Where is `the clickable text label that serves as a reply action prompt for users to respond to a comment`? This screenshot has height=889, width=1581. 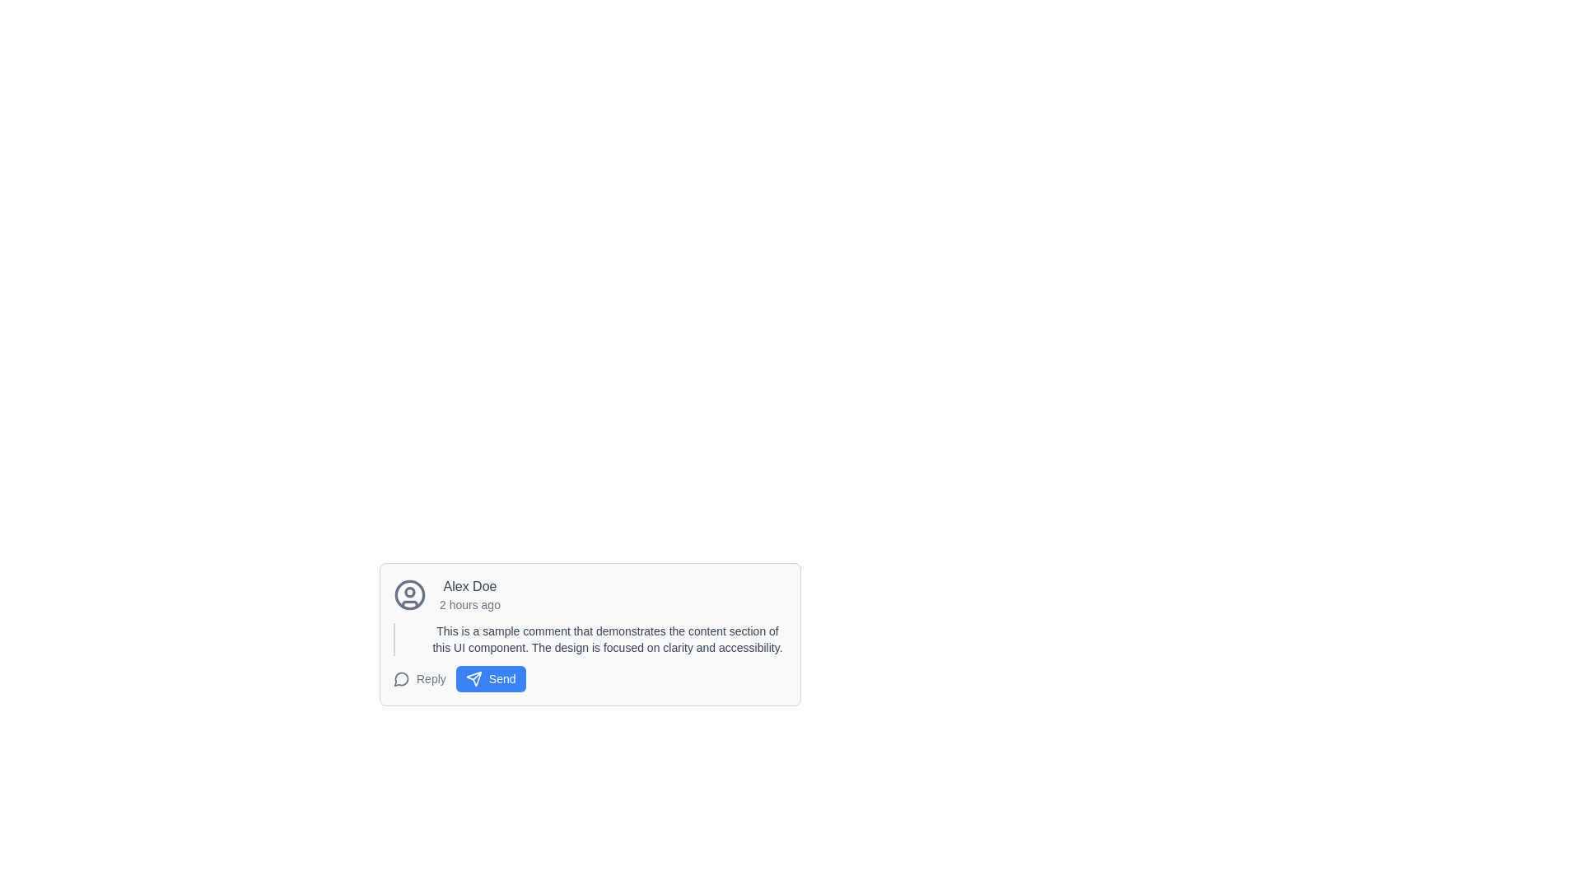
the clickable text label that serves as a reply action prompt for users to respond to a comment is located at coordinates (431, 679).